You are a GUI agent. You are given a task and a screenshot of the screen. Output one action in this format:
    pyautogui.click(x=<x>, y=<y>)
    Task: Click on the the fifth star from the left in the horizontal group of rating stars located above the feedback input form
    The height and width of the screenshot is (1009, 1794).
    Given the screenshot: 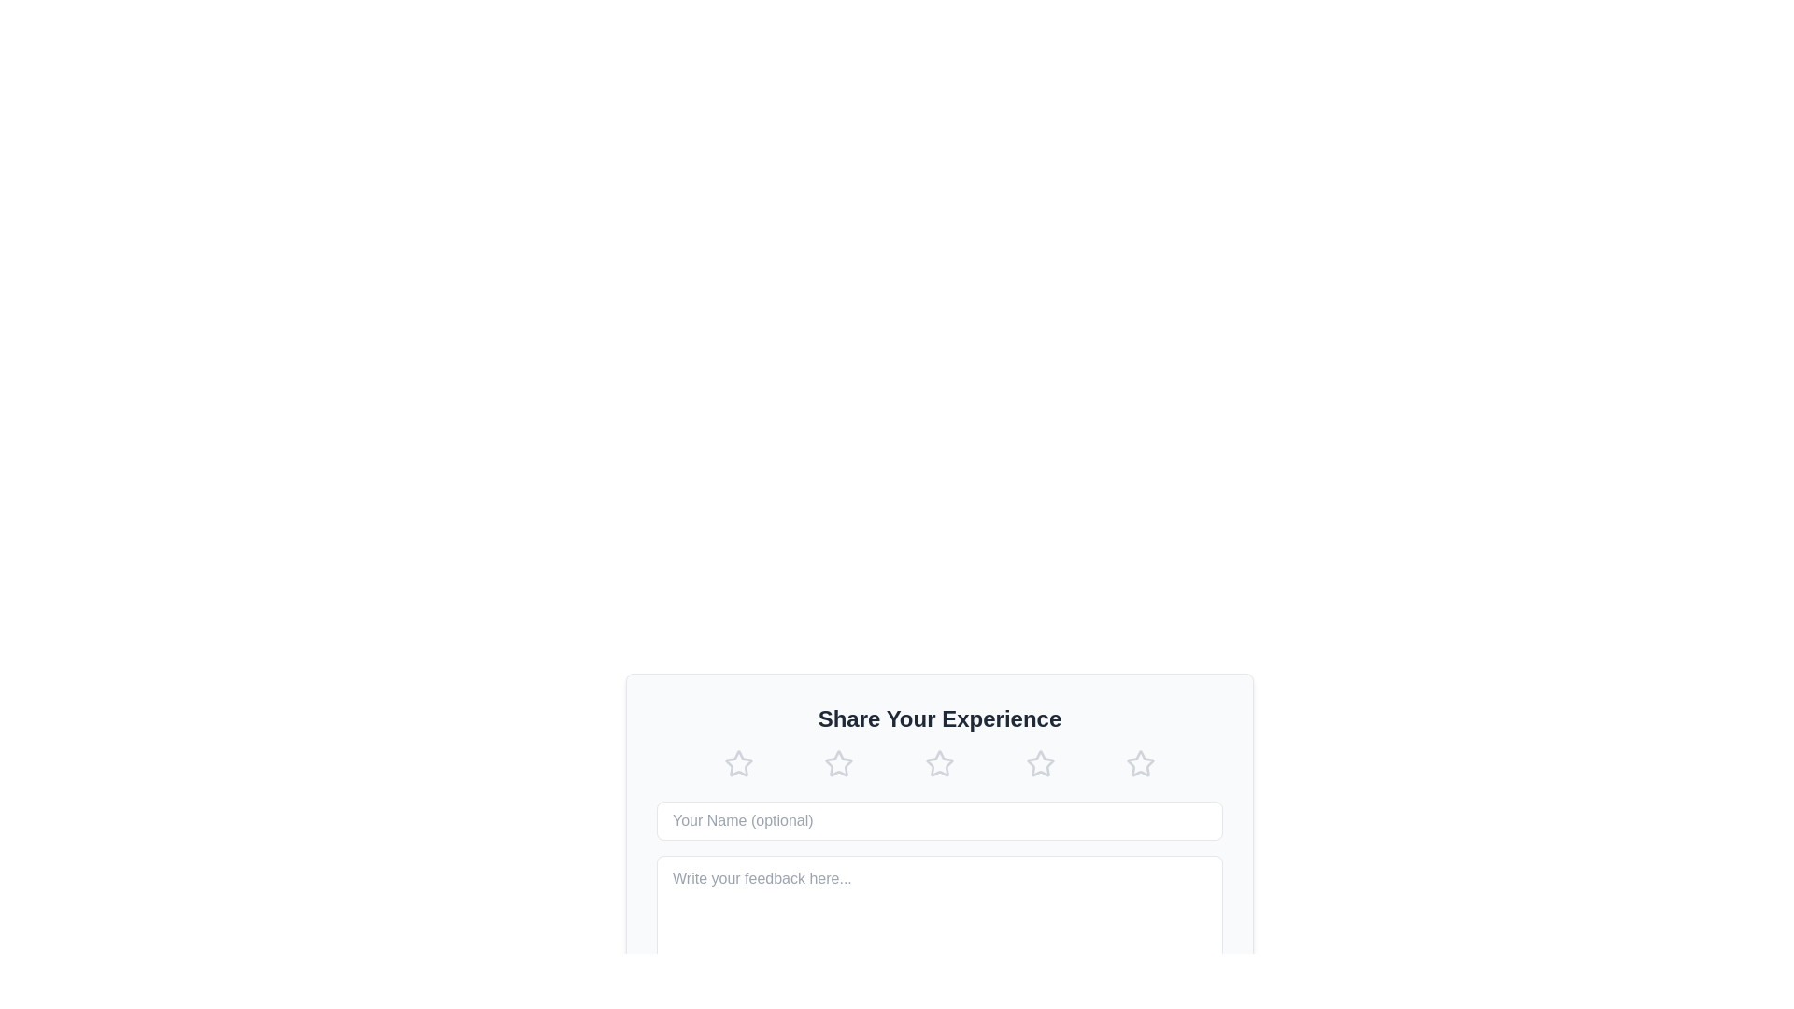 What is the action you would take?
    pyautogui.click(x=1140, y=763)
    